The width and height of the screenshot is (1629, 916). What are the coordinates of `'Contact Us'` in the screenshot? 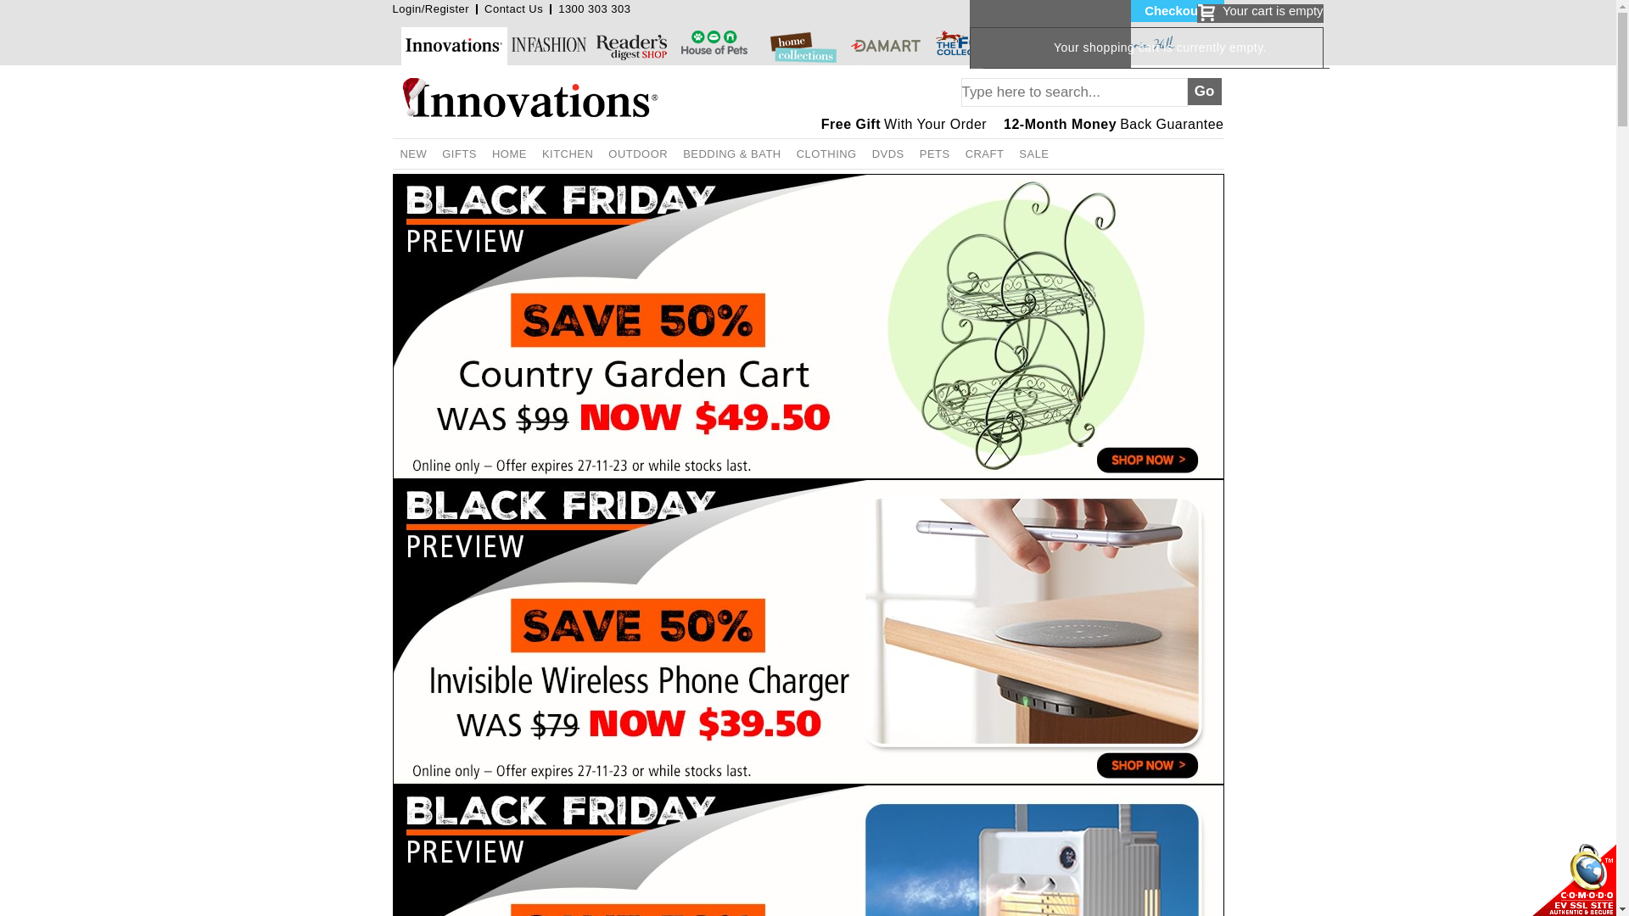 It's located at (512, 9).